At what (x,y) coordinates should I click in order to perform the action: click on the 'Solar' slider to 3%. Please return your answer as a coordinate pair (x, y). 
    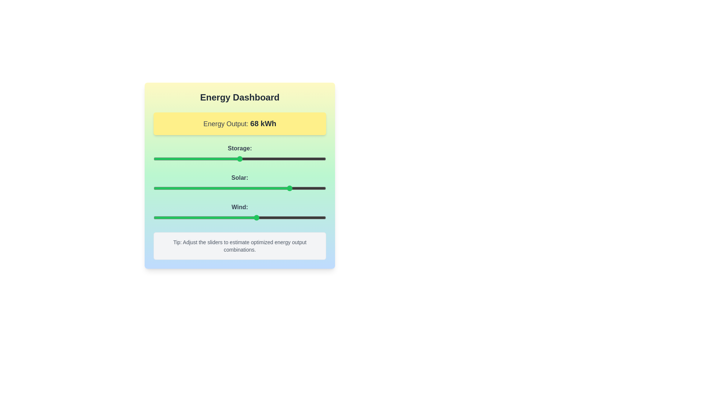
    Looking at the image, I should click on (158, 188).